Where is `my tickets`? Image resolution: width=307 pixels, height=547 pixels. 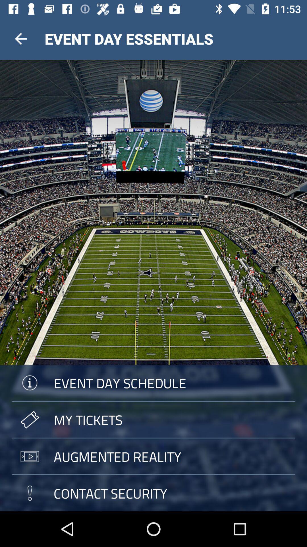 my tickets is located at coordinates (153, 420).